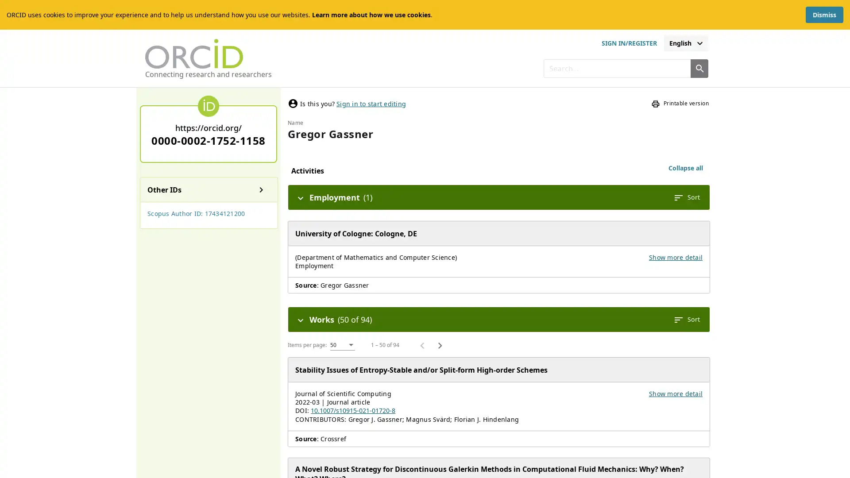  Describe the element at coordinates (261, 189) in the screenshot. I see `Show details` at that location.